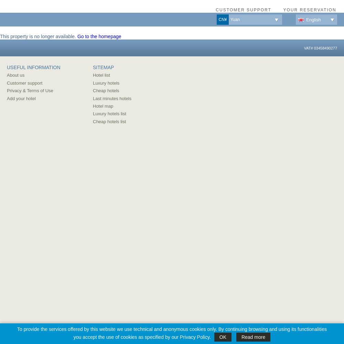  I want to click on 'Luxury hotels', so click(106, 82).